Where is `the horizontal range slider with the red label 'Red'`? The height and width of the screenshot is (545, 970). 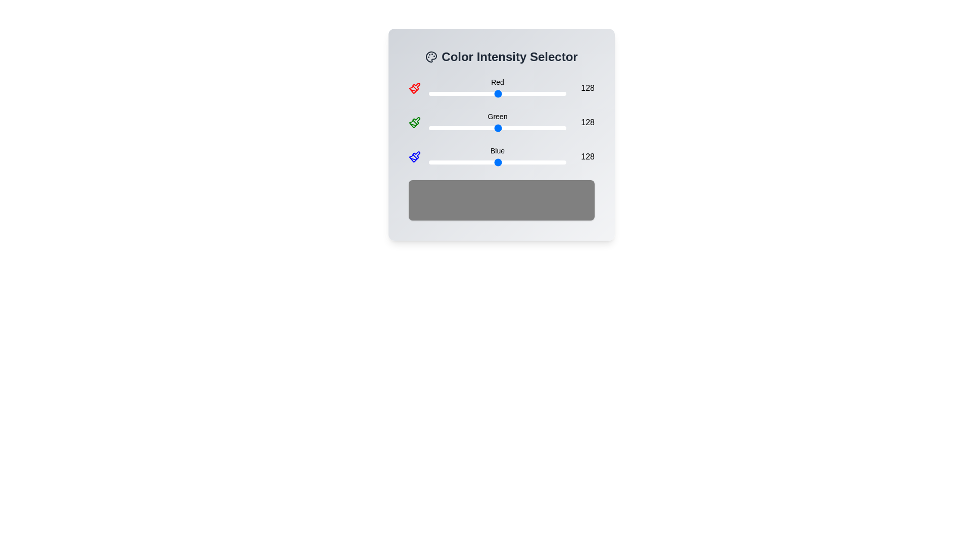
the horizontal range slider with the red label 'Red' is located at coordinates (502, 87).